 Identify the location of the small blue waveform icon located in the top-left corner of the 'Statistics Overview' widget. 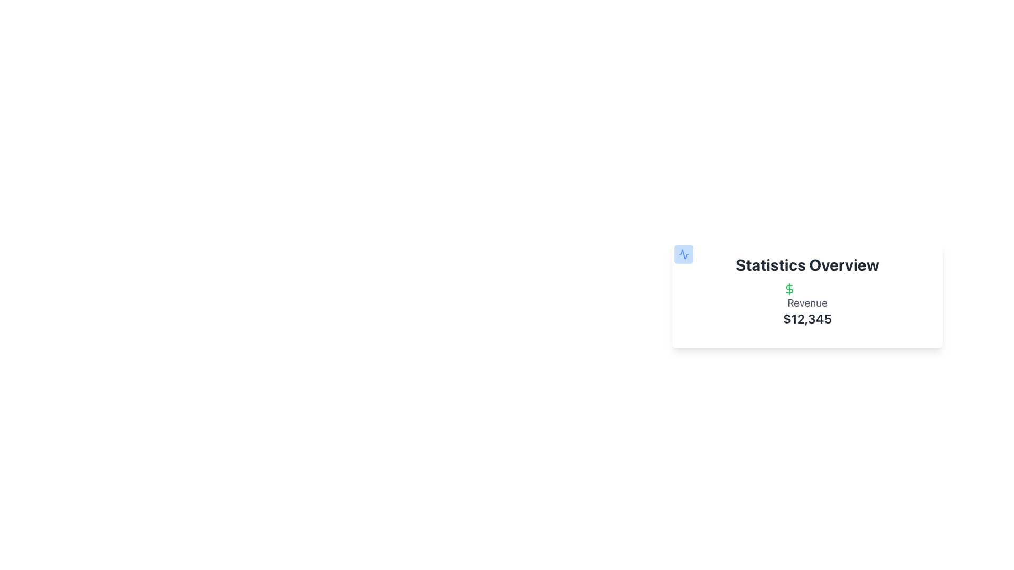
(684, 254).